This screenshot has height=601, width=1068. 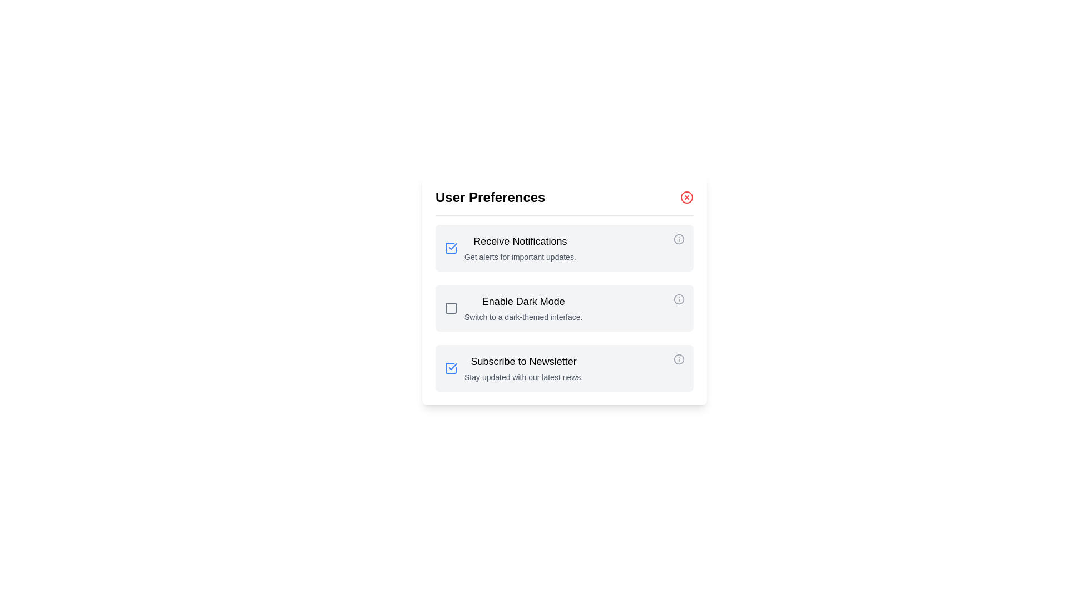 What do you see at coordinates (451, 308) in the screenshot?
I see `the visual indicator for 'Enable Dark Mode' located to the left of the text in the second option of 'User Preferences'` at bounding box center [451, 308].